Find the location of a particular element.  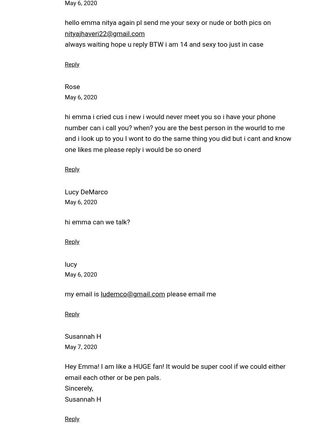

'May 7, 2020' is located at coordinates (80, 346).